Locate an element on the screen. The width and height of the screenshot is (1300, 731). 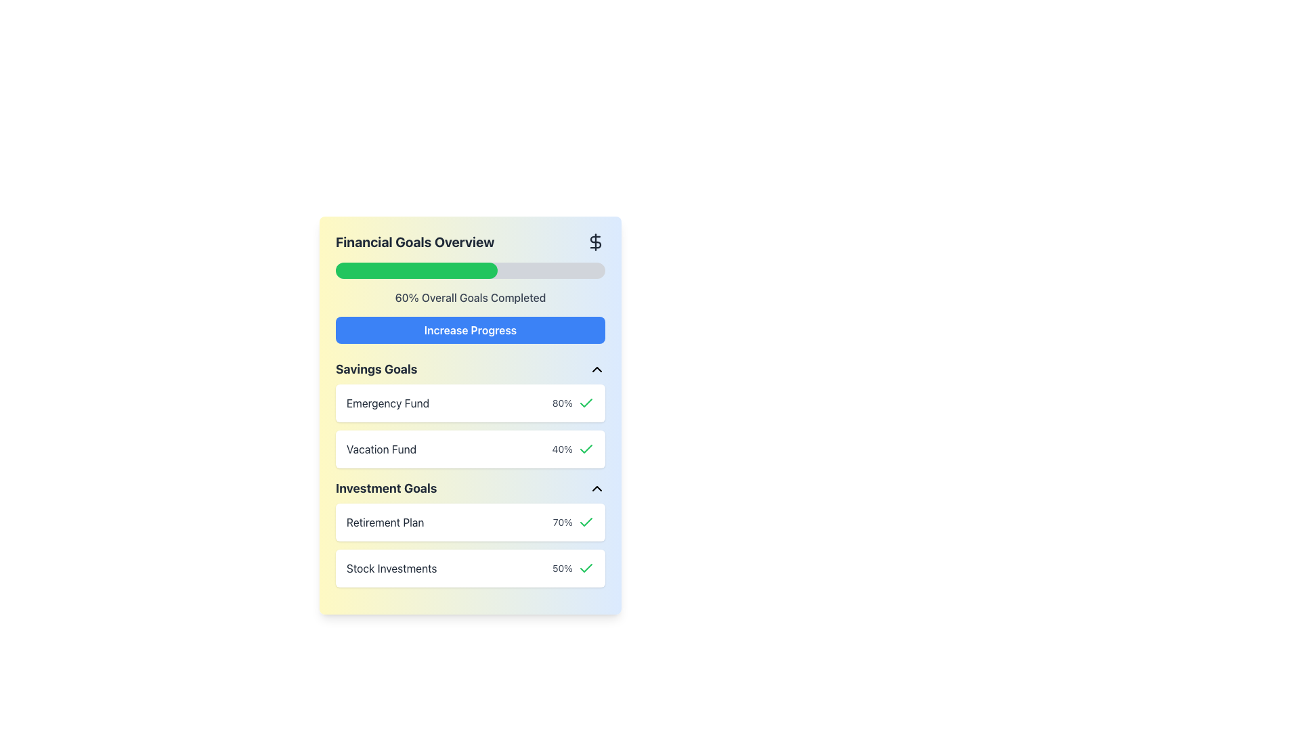
the static text label that serves as a title for the financial goal, located within the 'Investment Goals' card-like component is located at coordinates (385, 521).